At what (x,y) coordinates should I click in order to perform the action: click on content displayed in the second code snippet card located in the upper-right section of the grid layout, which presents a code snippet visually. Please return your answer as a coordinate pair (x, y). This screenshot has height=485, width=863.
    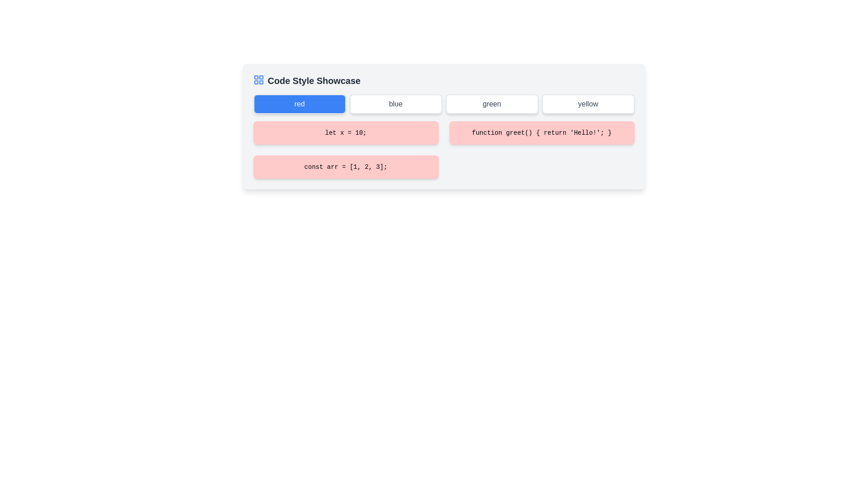
    Looking at the image, I should click on (541, 133).